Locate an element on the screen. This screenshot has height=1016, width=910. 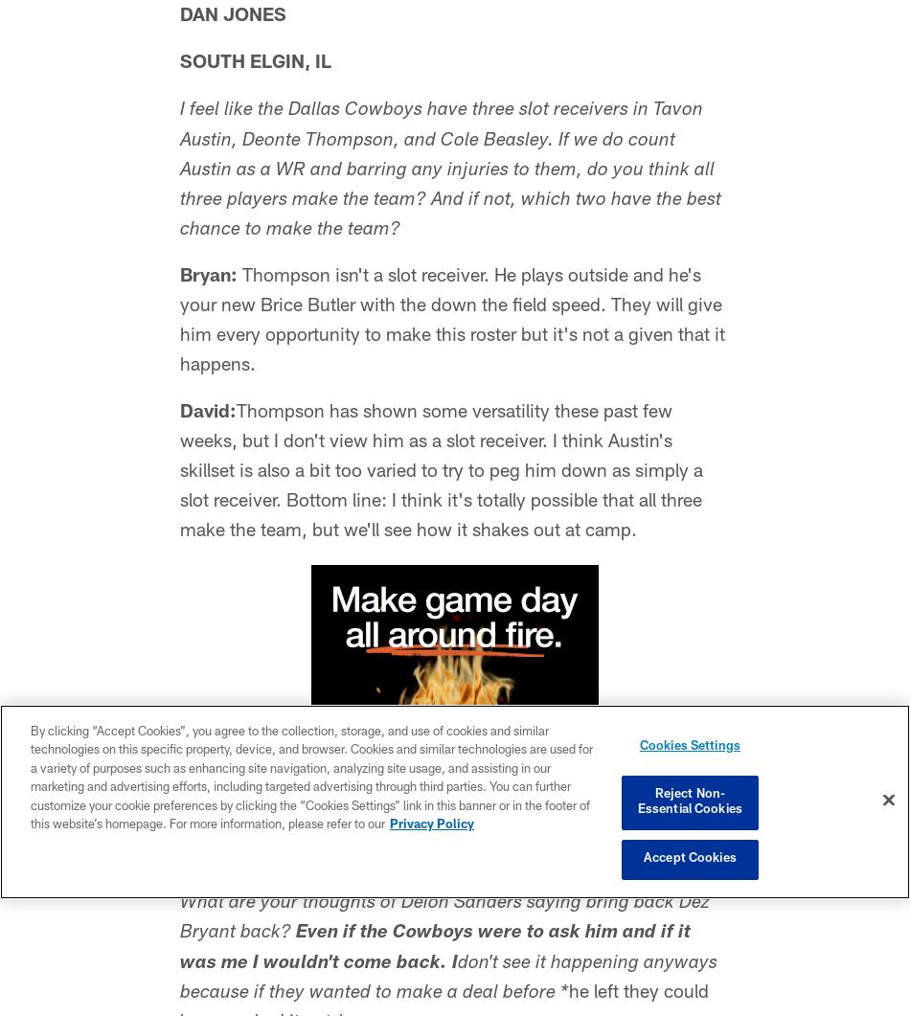
'Even if the Cowboys were to ask him and if it was me I wouldn't come back. I' is located at coordinates (434, 947).